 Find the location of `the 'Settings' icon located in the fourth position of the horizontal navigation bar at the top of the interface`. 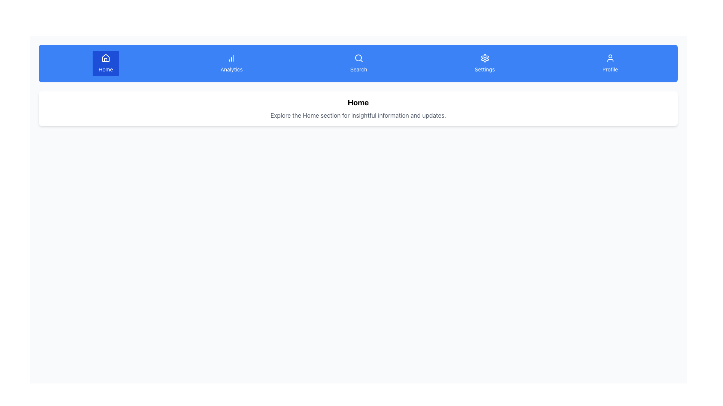

the 'Settings' icon located in the fourth position of the horizontal navigation bar at the top of the interface is located at coordinates (485, 58).